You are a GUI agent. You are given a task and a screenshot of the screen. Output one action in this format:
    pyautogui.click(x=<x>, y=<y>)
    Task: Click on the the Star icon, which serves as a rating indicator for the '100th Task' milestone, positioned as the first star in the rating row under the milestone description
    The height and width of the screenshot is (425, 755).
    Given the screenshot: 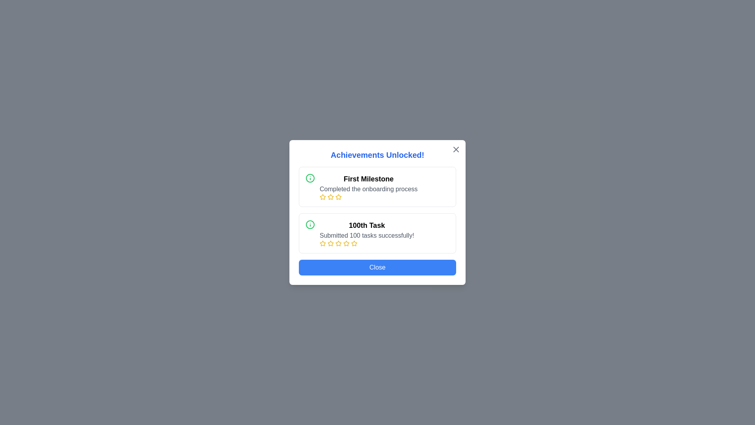 What is the action you would take?
    pyautogui.click(x=330, y=243)
    